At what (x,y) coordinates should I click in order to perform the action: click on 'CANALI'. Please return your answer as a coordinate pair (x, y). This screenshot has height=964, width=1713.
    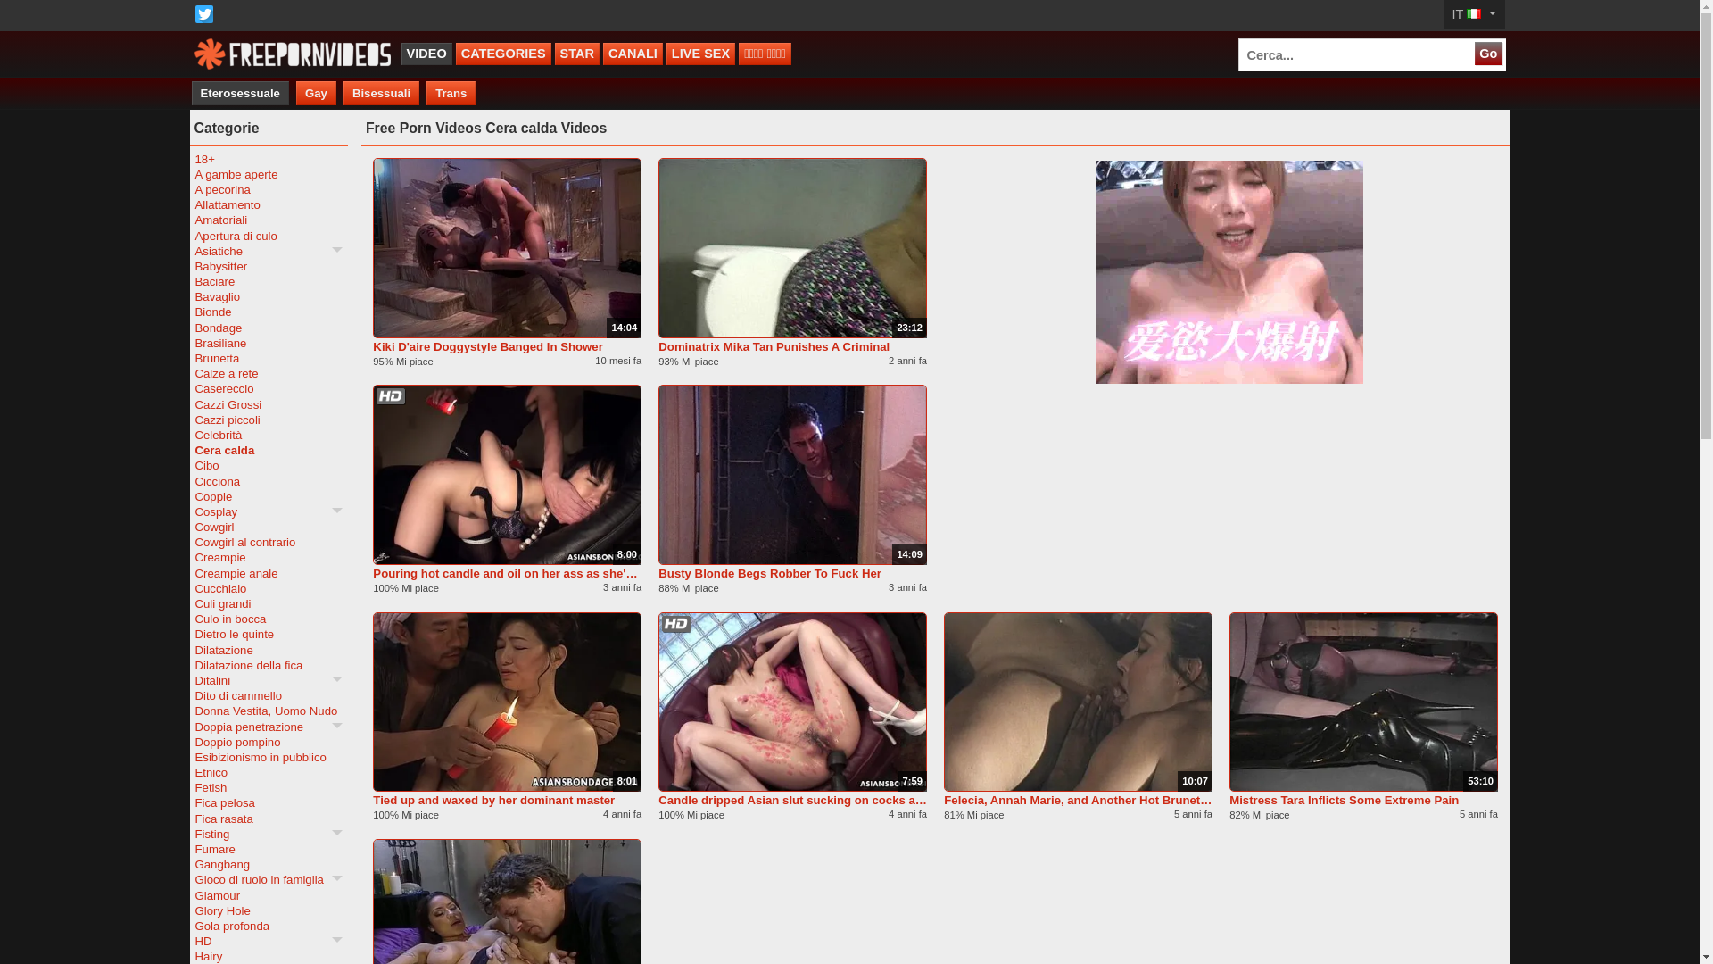
    Looking at the image, I should click on (603, 53).